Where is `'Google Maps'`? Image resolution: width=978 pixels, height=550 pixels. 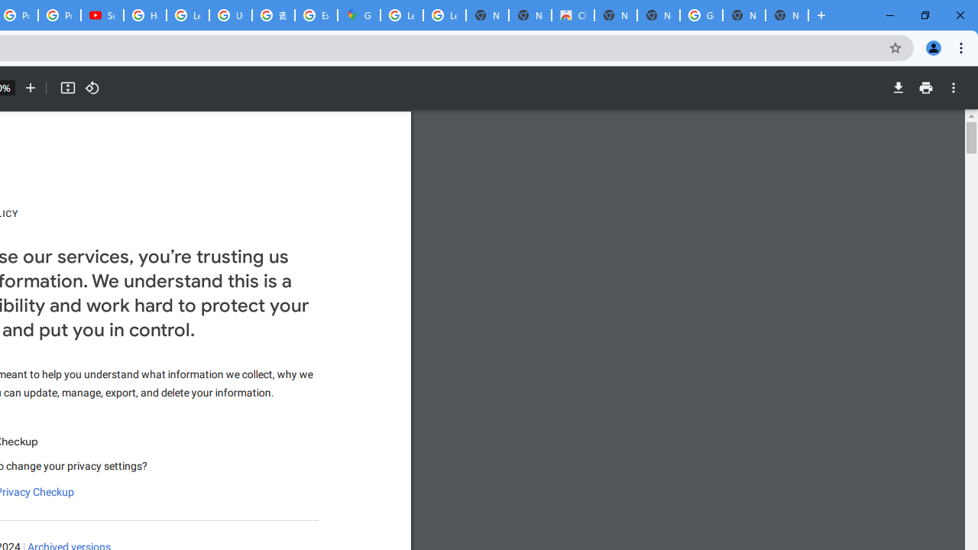 'Google Maps' is located at coordinates (358, 15).